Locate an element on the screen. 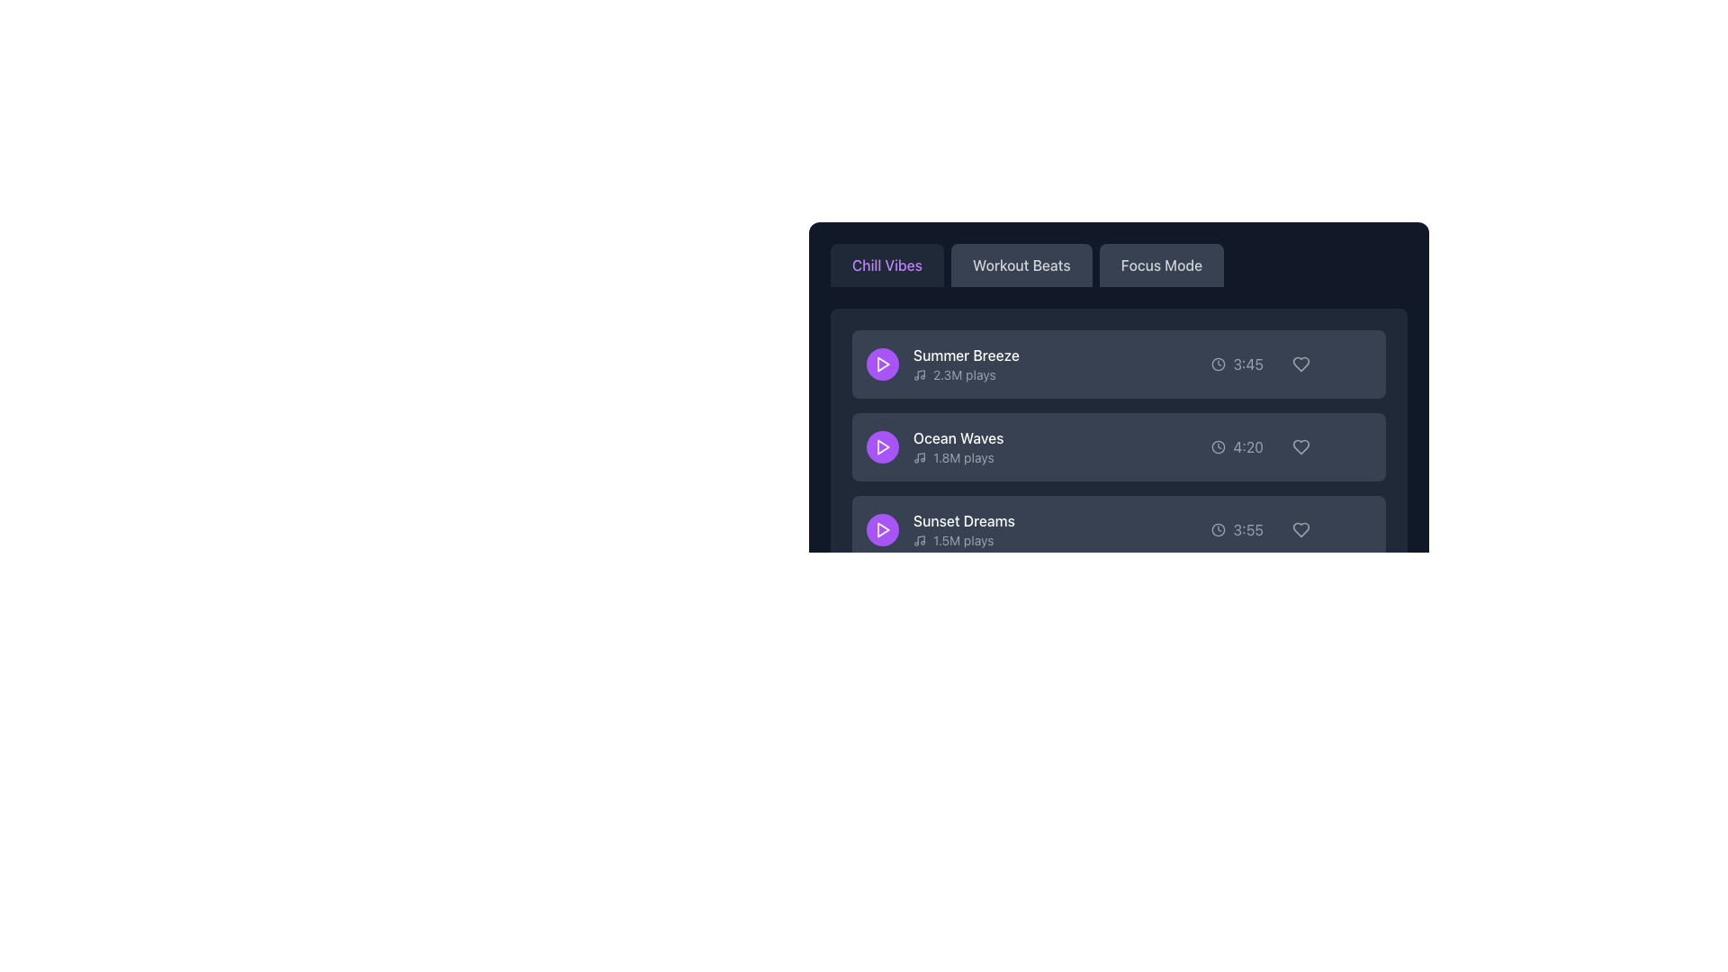 The image size is (1728, 972). the outer circular ring of the clock icon located adjacent to the 'Ocean Waves' playlist entry and the duration text '4:20' is located at coordinates (1219, 446).